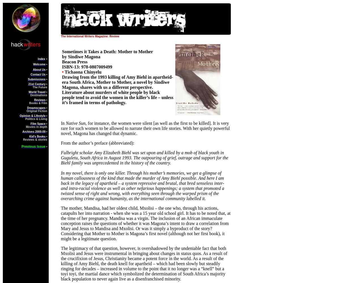  Describe the element at coordinates (38, 124) in the screenshot. I see `'Film 
            Space'` at that location.